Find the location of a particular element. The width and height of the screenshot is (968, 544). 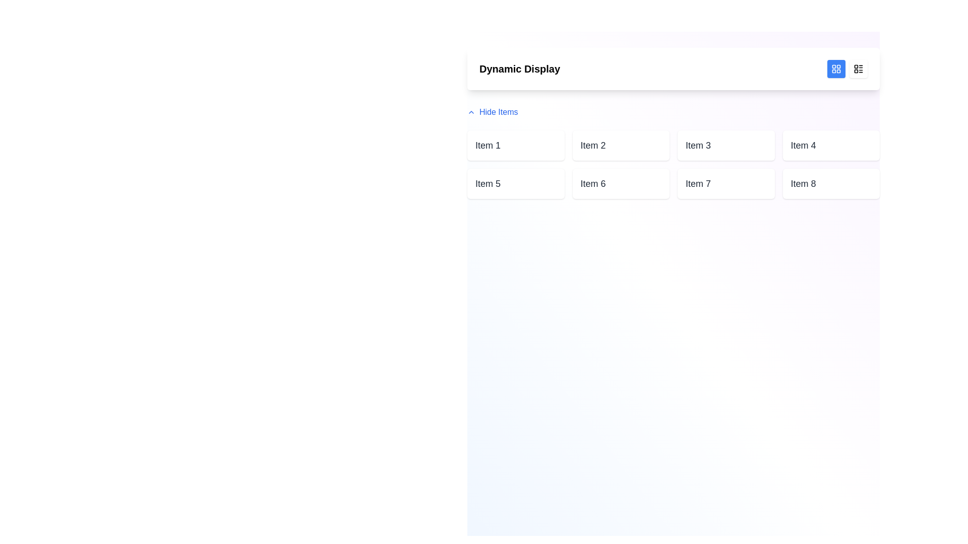

the hyperlink-style text label that collapses or hides the displayed items below it, located to the right of the chevron icon and below the 'Dynamic Display' header is located at coordinates (498, 112).